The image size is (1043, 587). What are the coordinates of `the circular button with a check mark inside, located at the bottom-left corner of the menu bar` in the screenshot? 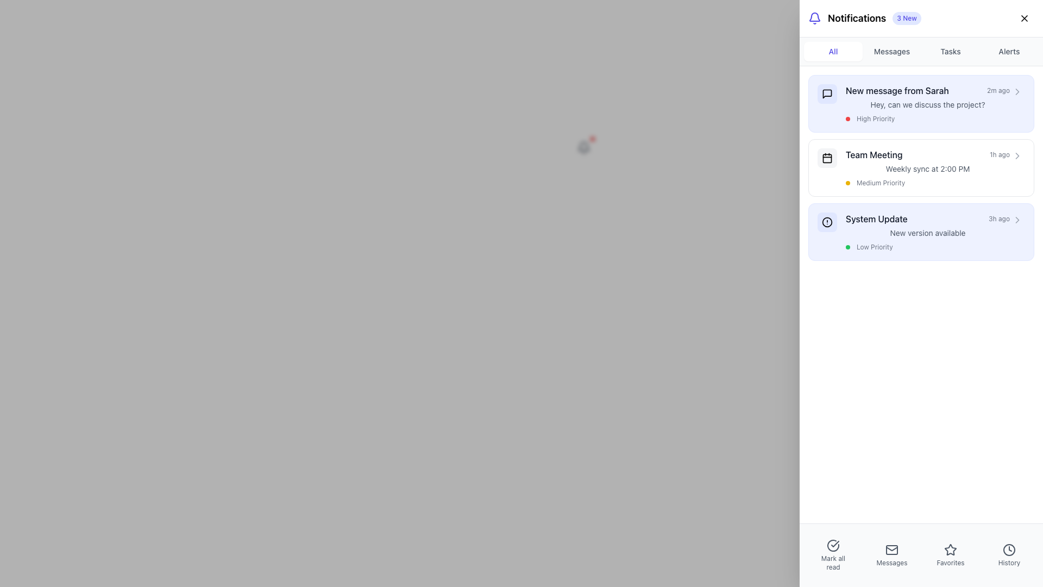 It's located at (833, 545).